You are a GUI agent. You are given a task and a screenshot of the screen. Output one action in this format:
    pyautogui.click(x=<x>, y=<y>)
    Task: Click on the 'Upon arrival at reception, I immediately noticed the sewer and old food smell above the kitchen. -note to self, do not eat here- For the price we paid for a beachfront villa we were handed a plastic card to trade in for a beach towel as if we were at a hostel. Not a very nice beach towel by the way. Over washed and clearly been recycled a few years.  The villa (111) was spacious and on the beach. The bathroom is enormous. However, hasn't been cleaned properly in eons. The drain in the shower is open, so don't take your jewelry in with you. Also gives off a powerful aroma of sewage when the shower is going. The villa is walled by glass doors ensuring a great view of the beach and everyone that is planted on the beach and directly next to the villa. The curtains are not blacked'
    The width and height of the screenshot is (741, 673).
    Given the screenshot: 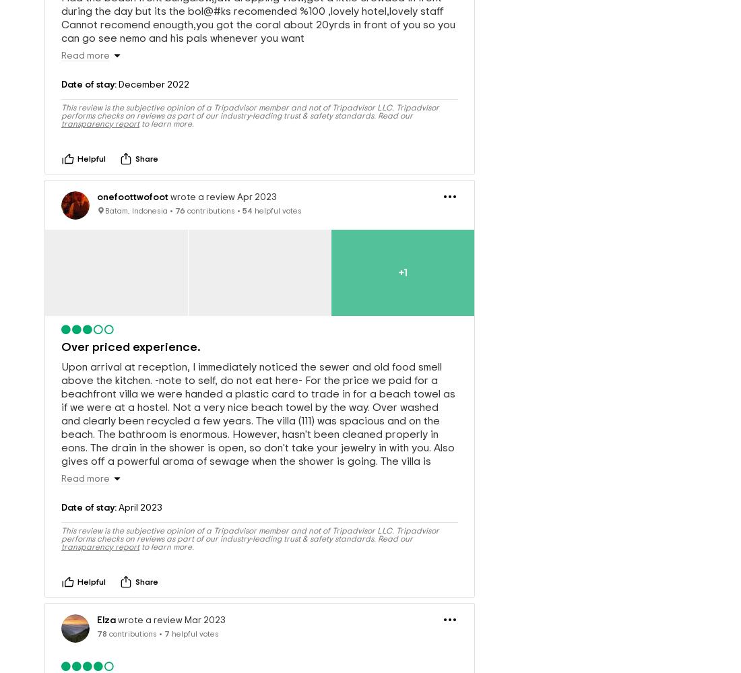 What is the action you would take?
    pyautogui.click(x=258, y=411)
    